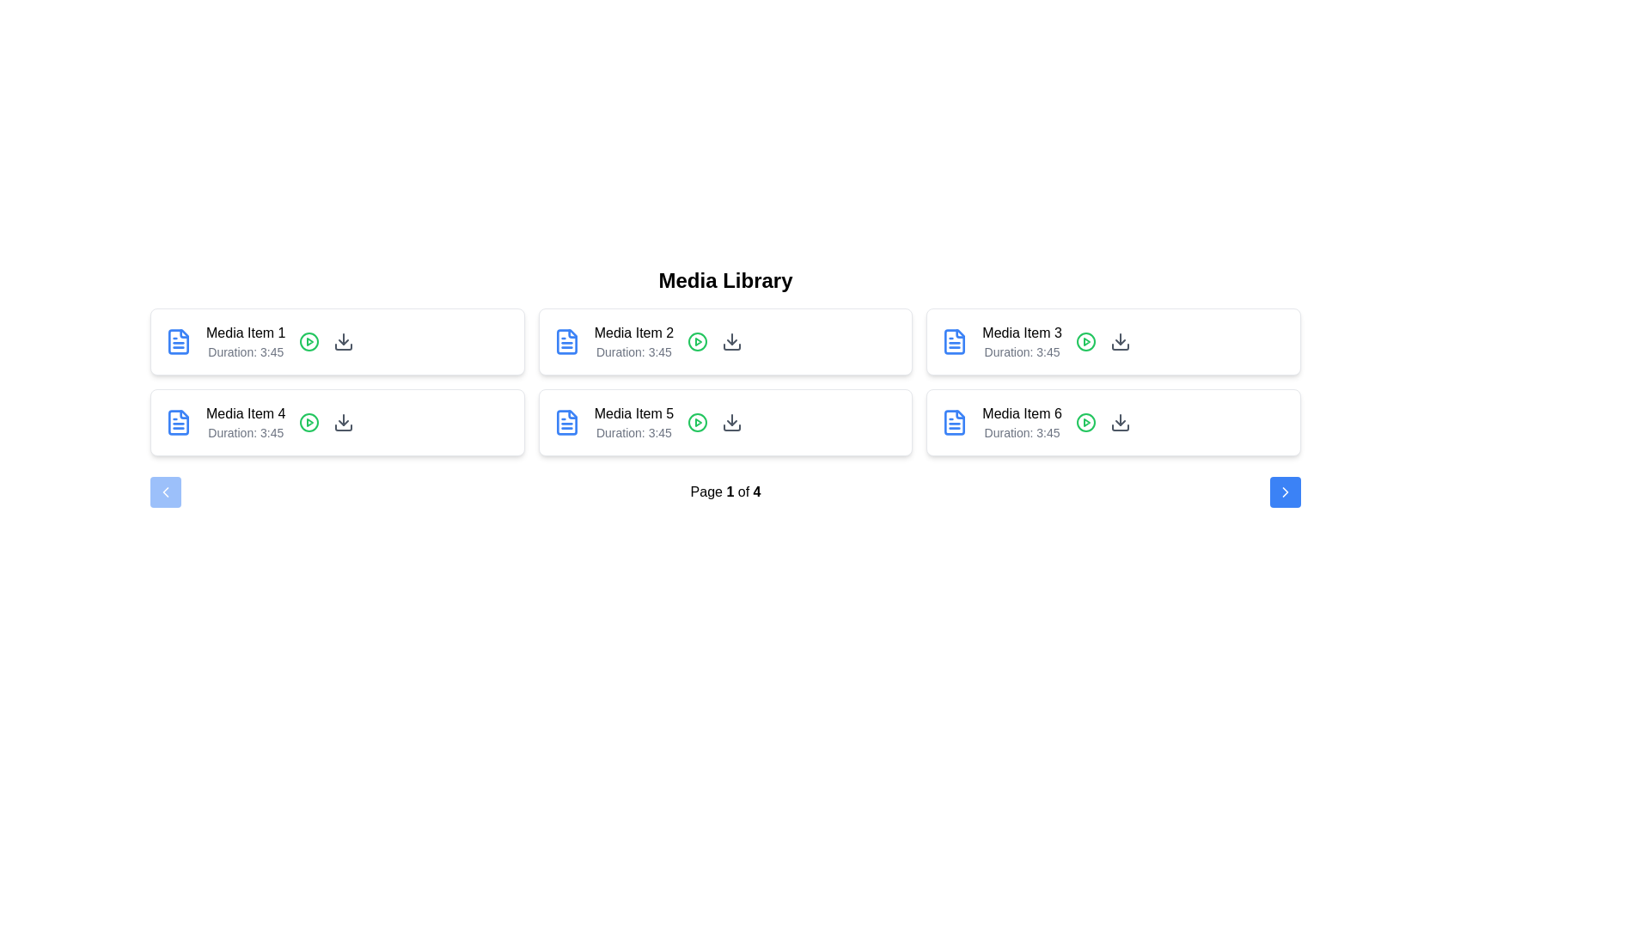 The image size is (1650, 928). I want to click on the play button for 'Media Item 2', so click(698, 341).